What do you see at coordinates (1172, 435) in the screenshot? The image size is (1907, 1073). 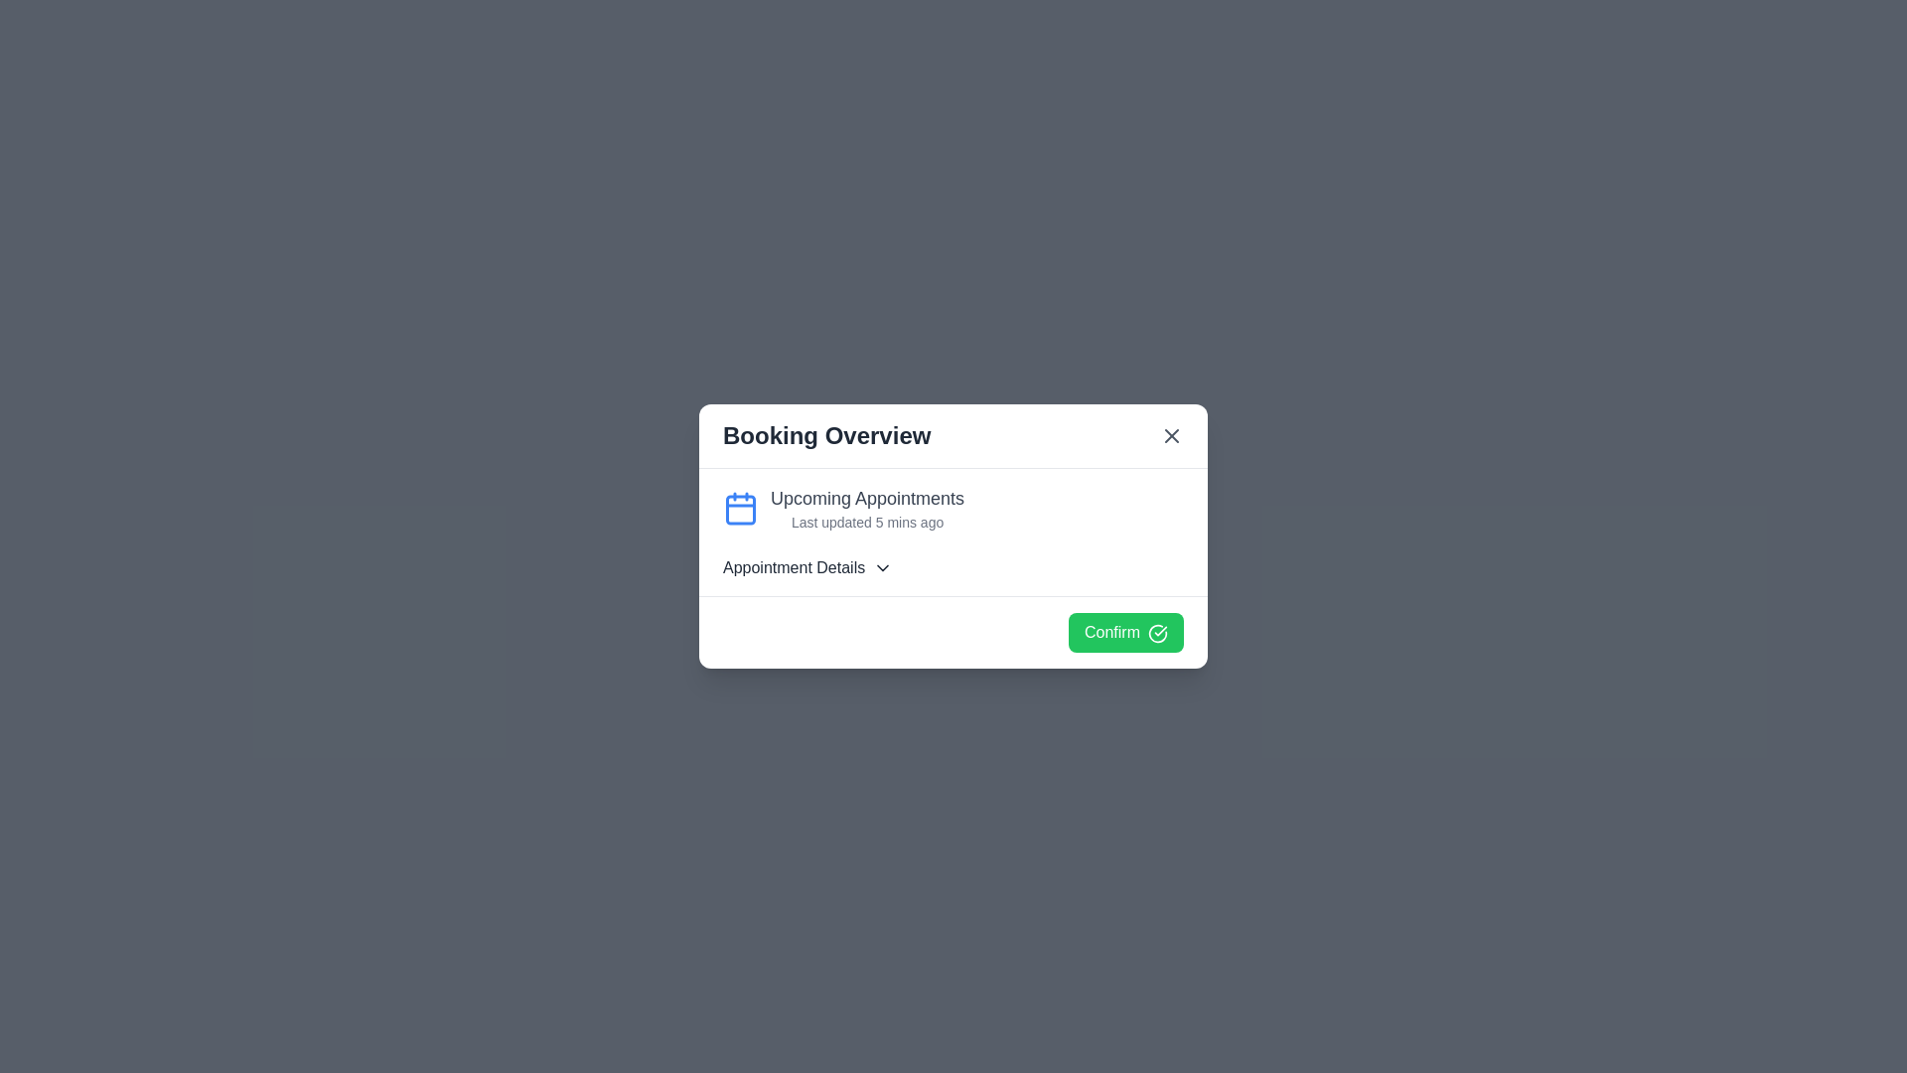 I see `the diagonal cross line icon styled as a close button located in the top right corner of the 'Booking Overview' modal window` at bounding box center [1172, 435].